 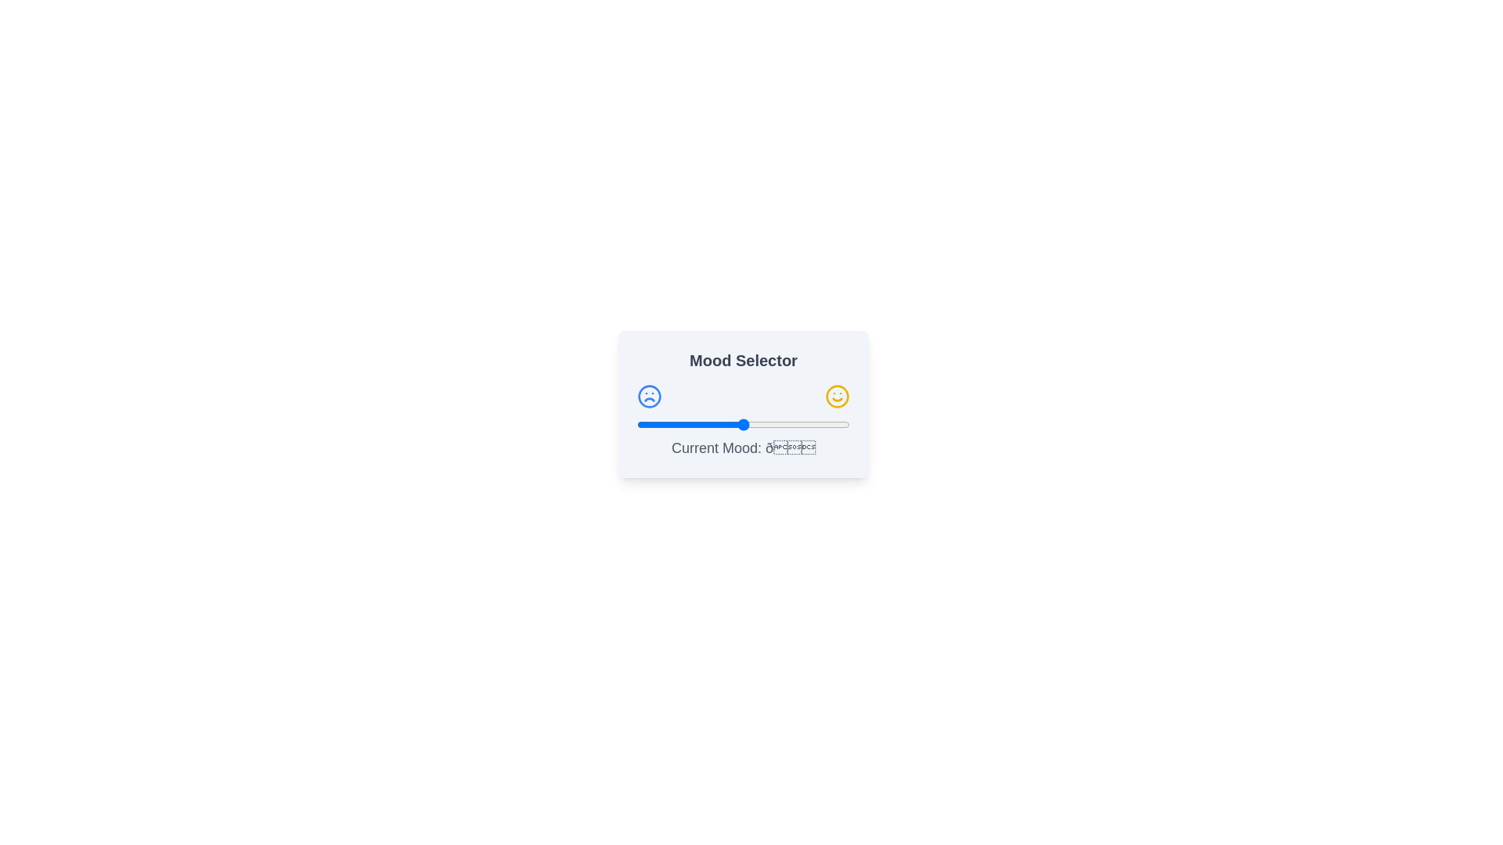 I want to click on the slider to set the mood value to 13, so click(x=665, y=425).